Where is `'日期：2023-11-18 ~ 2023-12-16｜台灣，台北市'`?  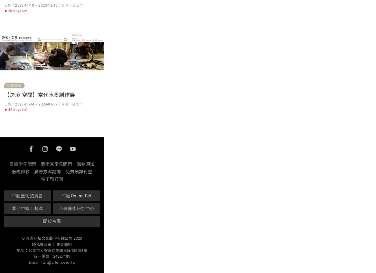
'日期：2023-11-18 ~ 2023-12-16｜台灣，台北市' is located at coordinates (43, 5).